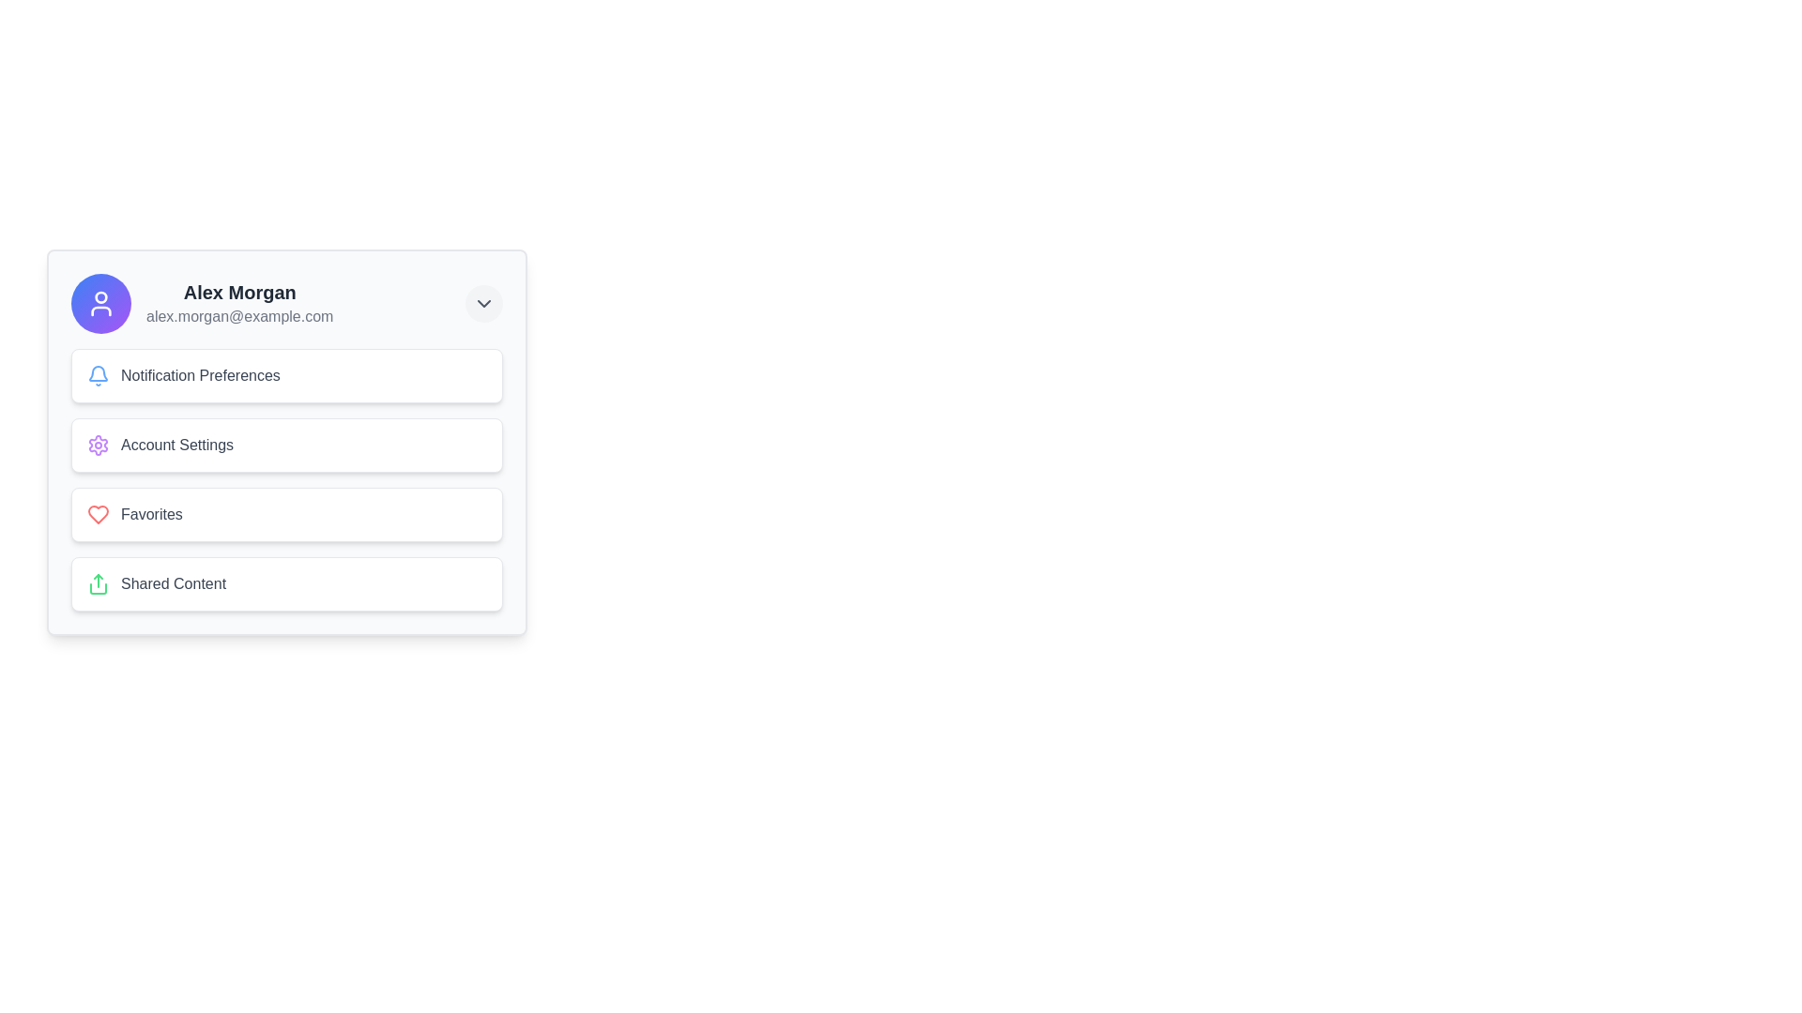 The width and height of the screenshot is (1802, 1013). What do you see at coordinates (483, 303) in the screenshot?
I see `the dropdown trigger button located on the right end of the user profile section for 'Alex Morgan'` at bounding box center [483, 303].